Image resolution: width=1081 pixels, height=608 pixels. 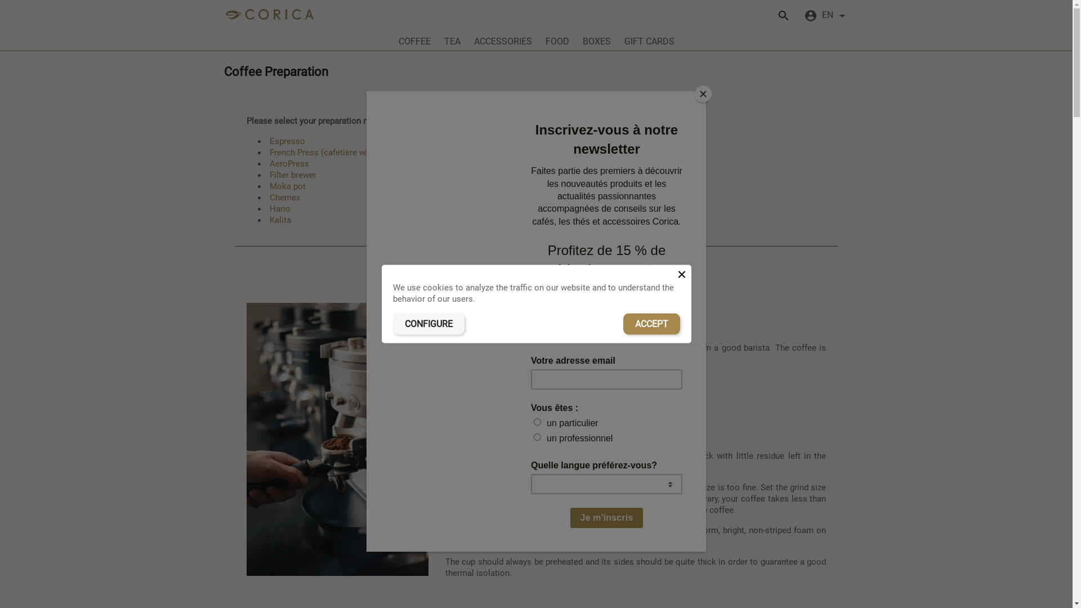 I want to click on 'Chemex', so click(x=284, y=197).